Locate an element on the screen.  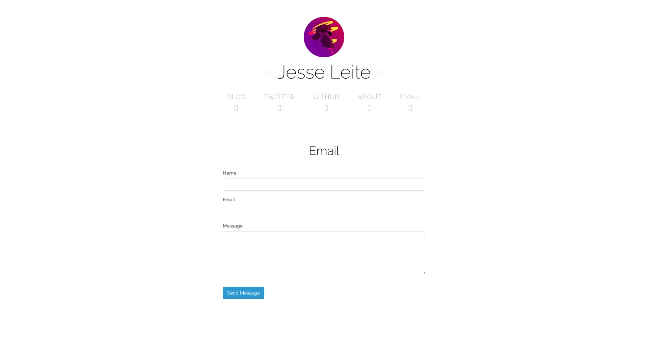
Send Message is located at coordinates (243, 292).